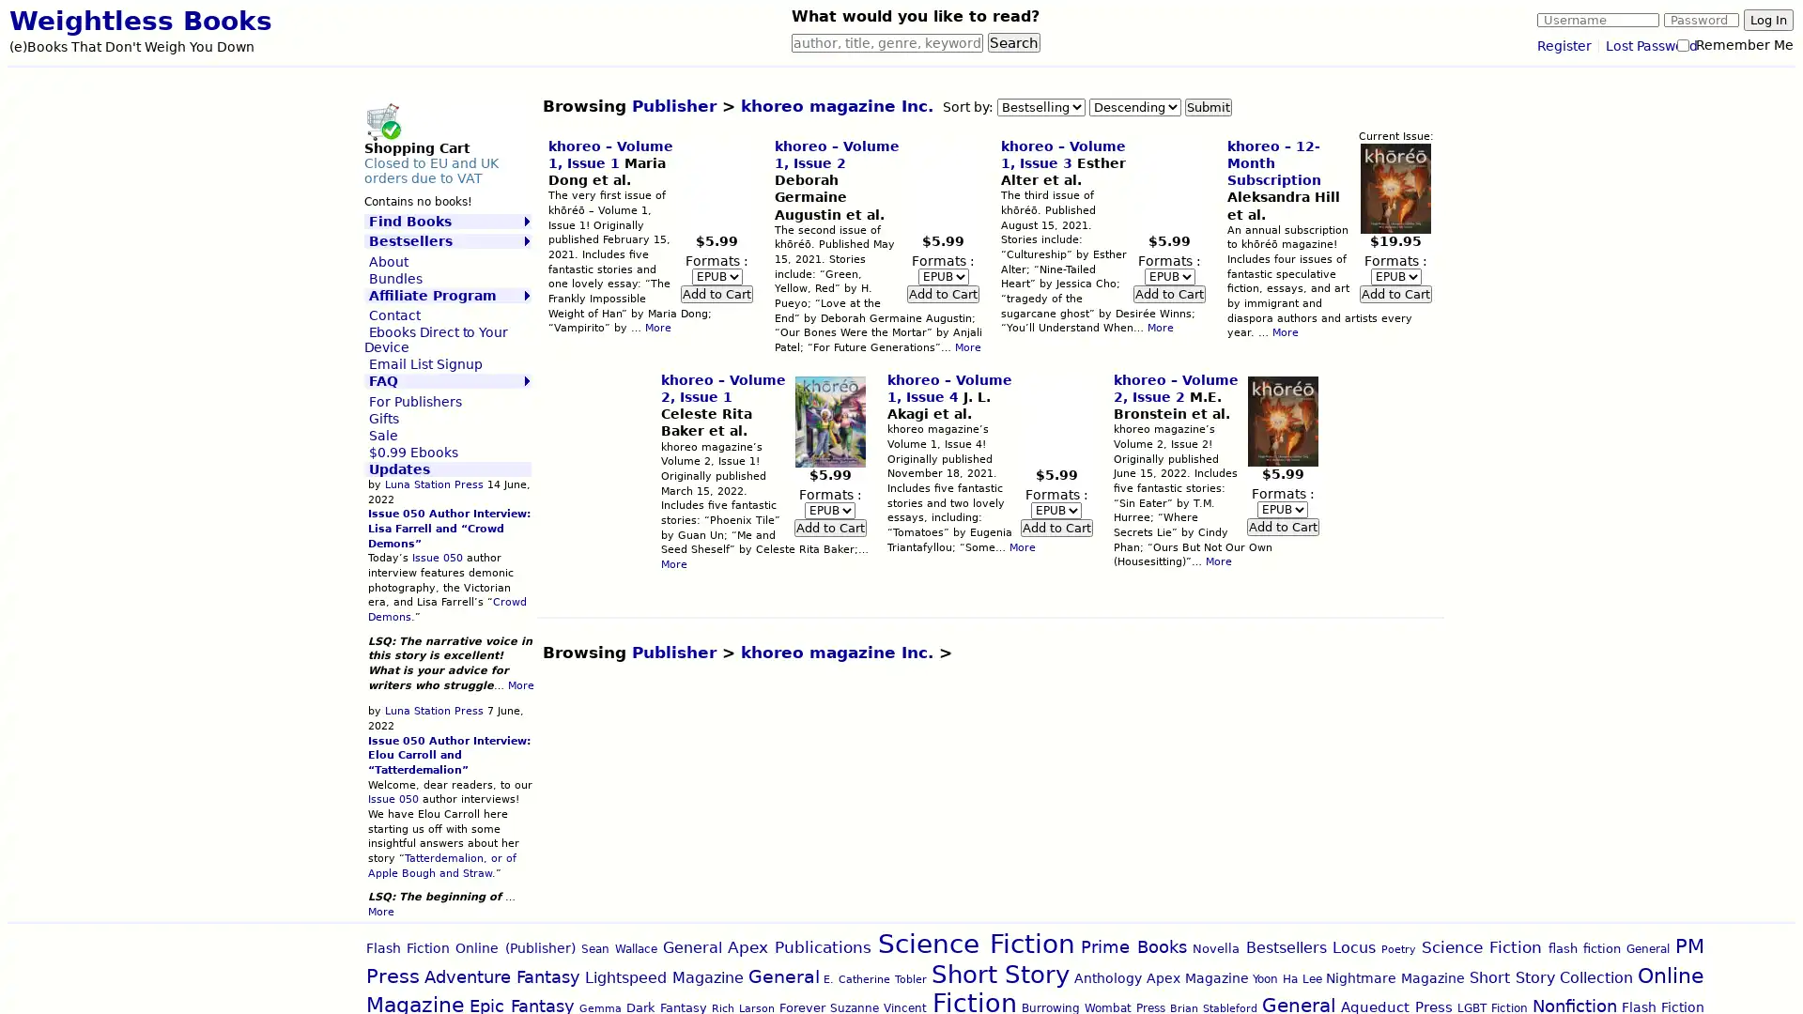 The height and width of the screenshot is (1014, 1803). I want to click on Log In, so click(1767, 20).